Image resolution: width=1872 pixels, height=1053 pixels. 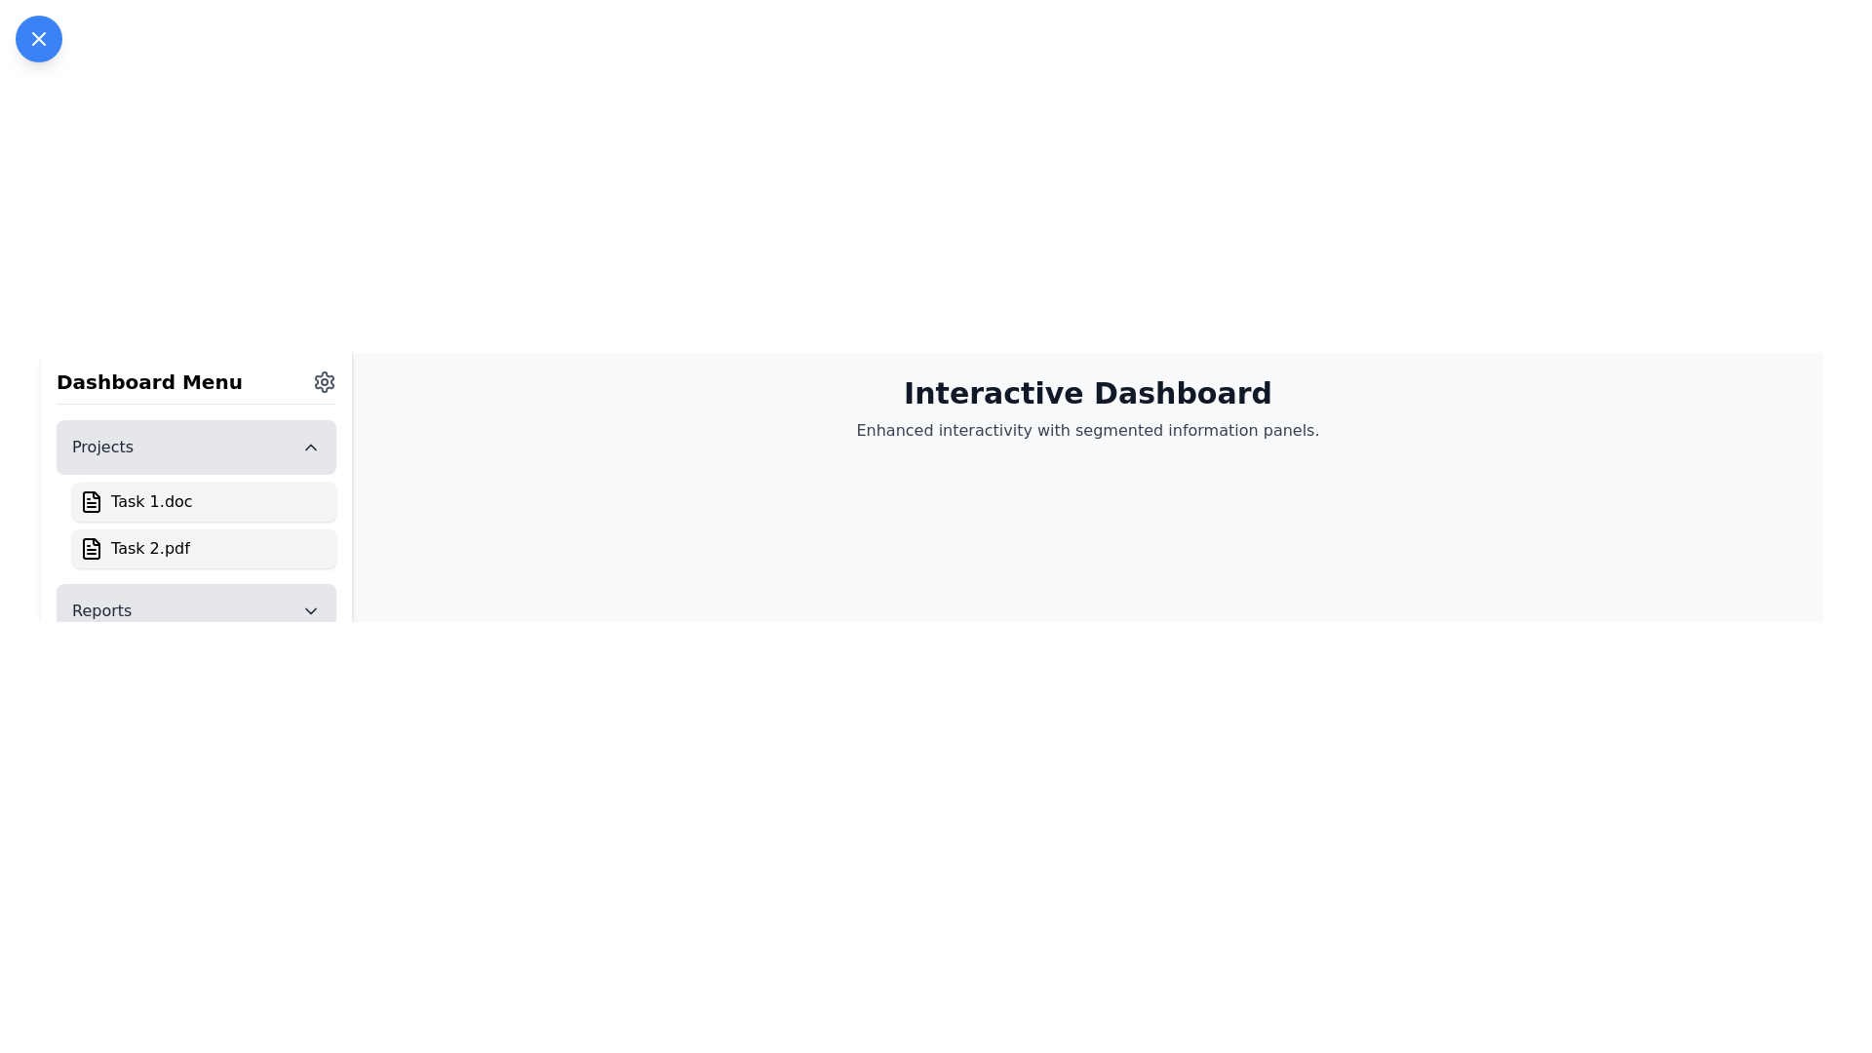 What do you see at coordinates (204, 501) in the screenshot?
I see `the first selectable item in the 'Projects' section of the left sidebar` at bounding box center [204, 501].